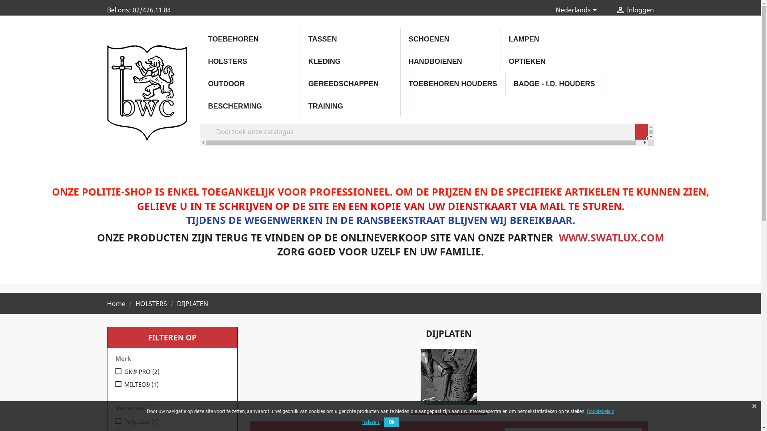 The image size is (767, 431). Describe the element at coordinates (555, 83) in the screenshot. I see `'BADGE - I.D. HOUDERS'` at that location.